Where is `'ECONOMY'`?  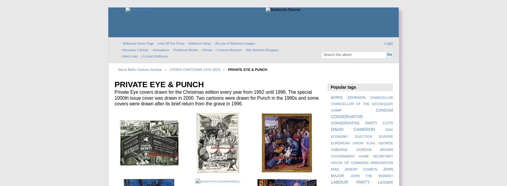
'ECONOMY' is located at coordinates (339, 136).